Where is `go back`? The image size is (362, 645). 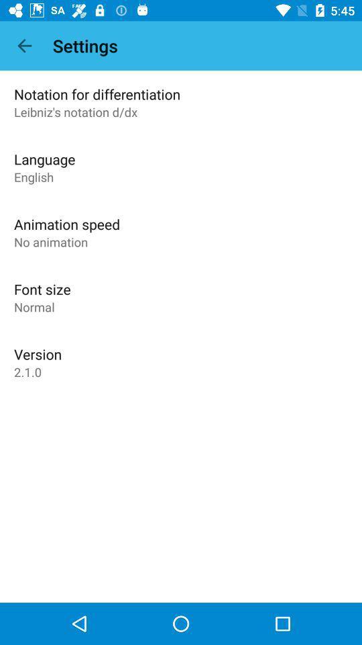 go back is located at coordinates (24, 46).